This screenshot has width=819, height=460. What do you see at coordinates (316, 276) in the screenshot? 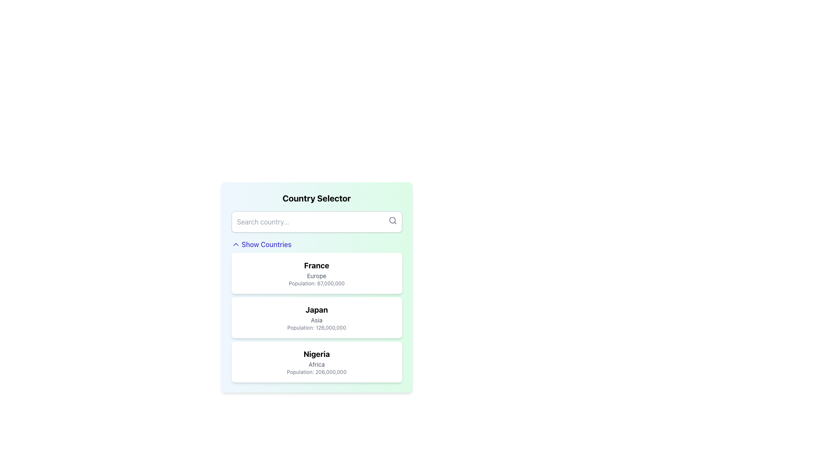
I see `the static text display indicating the continent associated with France, positioned between the title 'France' and the population information 'Population: 67,000,000'` at bounding box center [316, 276].